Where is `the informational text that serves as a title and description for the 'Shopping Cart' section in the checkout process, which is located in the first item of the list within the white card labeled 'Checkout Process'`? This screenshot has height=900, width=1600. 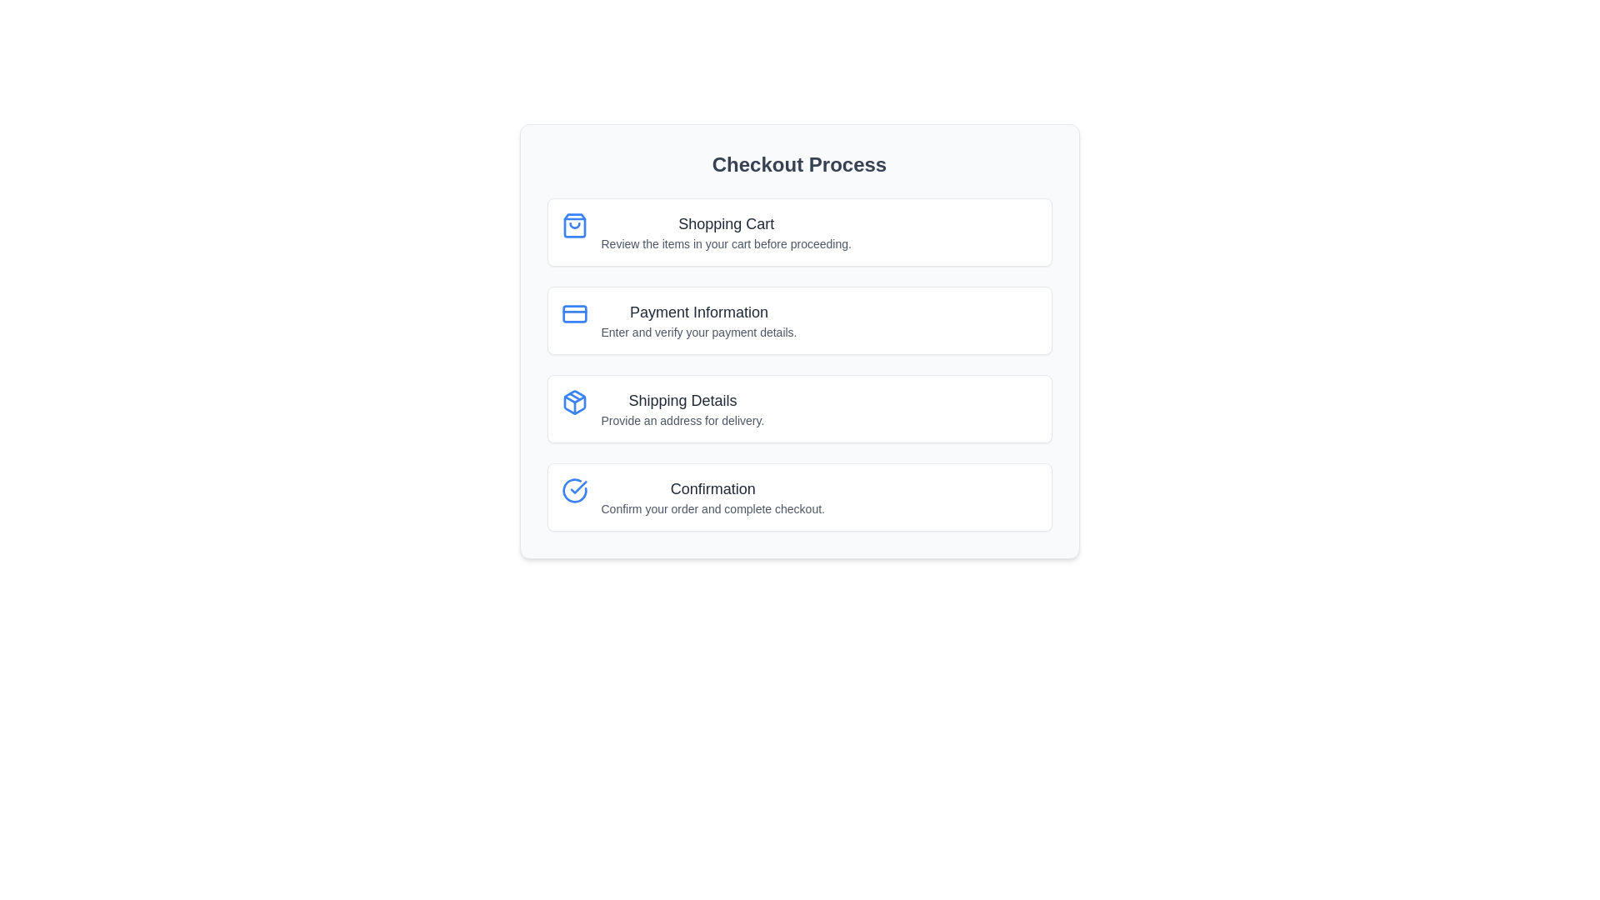 the informational text that serves as a title and description for the 'Shopping Cart' section in the checkout process, which is located in the first item of the list within the white card labeled 'Checkout Process' is located at coordinates (726, 232).